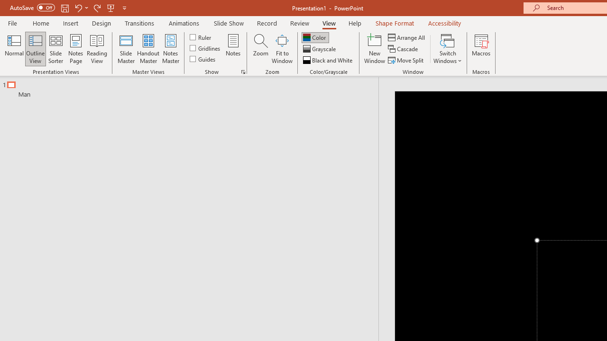 Image resolution: width=607 pixels, height=341 pixels. I want to click on 'Notes Page', so click(76, 49).